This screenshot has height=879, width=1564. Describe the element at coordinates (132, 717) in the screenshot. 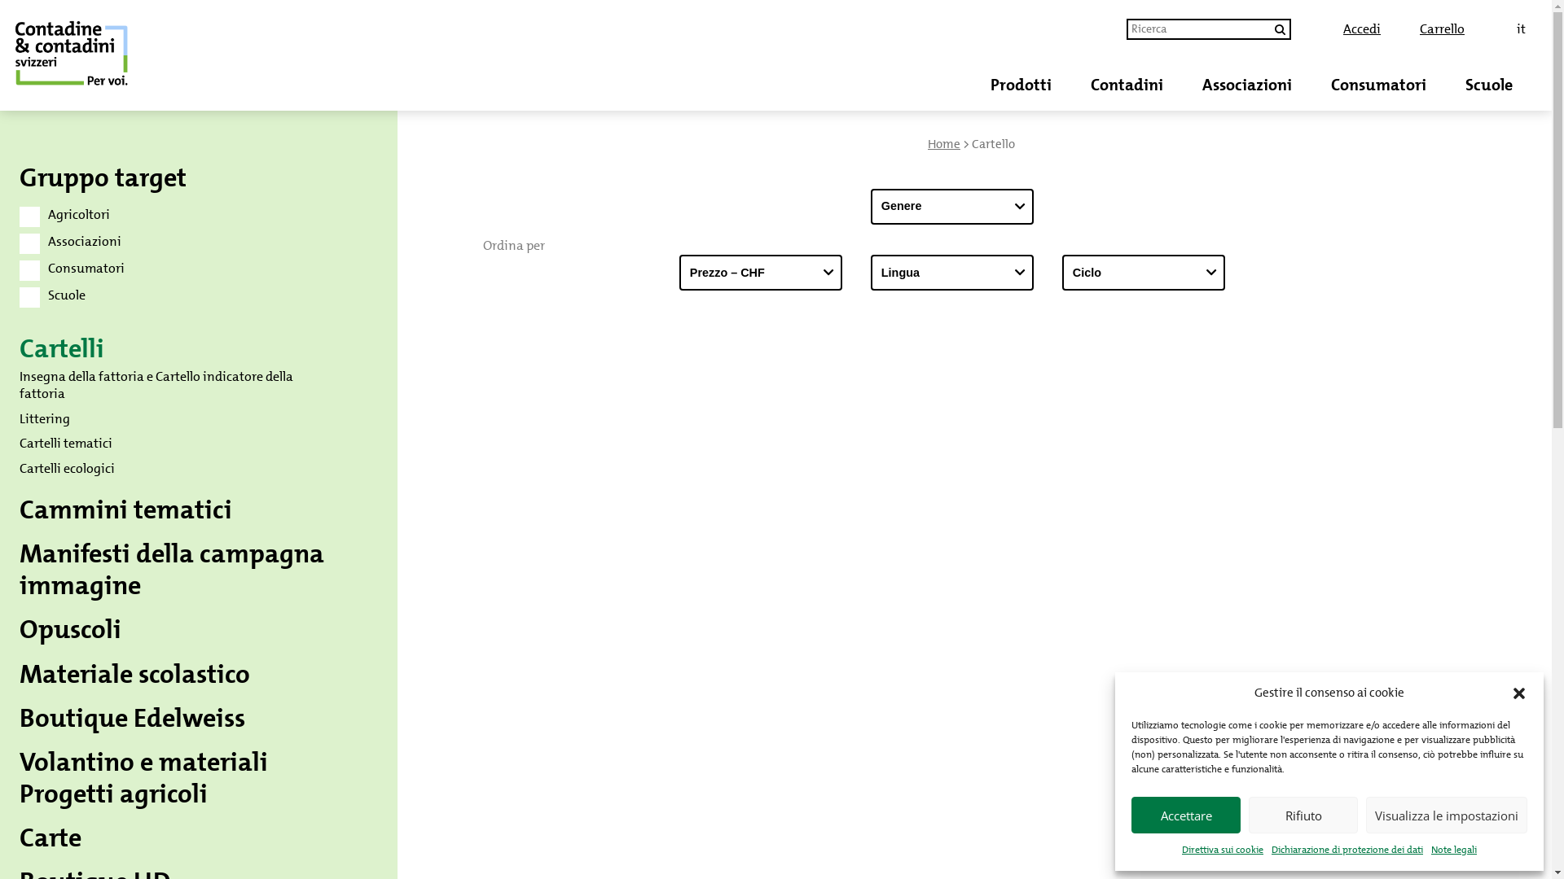

I see `'Boutique Edelweiss'` at that location.